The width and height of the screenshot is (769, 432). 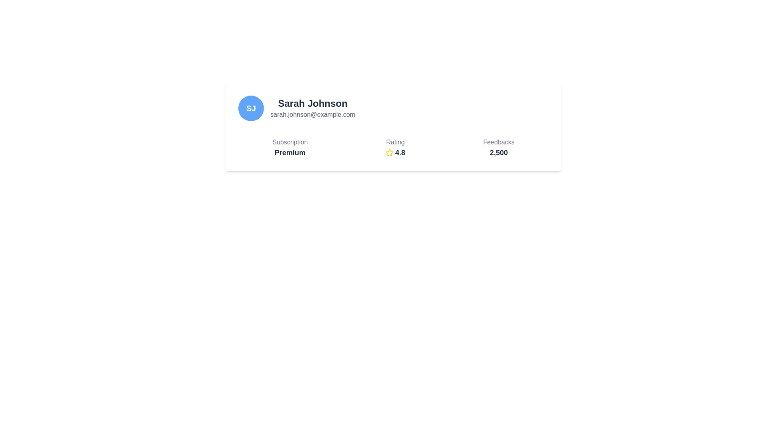 I want to click on the Rating display element, which visually combines a star icon and a numerical value, located in the center column below the 'Rating' label, so click(x=395, y=152).